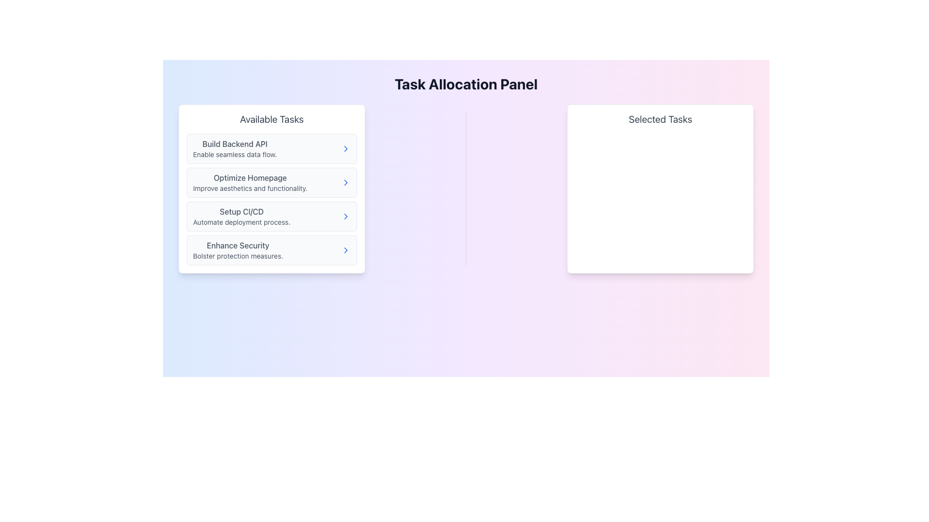  What do you see at coordinates (238, 249) in the screenshot?
I see `to select the fourth task in the 'Available Tasks' list, positioned below 'Setup CI/CD'` at bounding box center [238, 249].